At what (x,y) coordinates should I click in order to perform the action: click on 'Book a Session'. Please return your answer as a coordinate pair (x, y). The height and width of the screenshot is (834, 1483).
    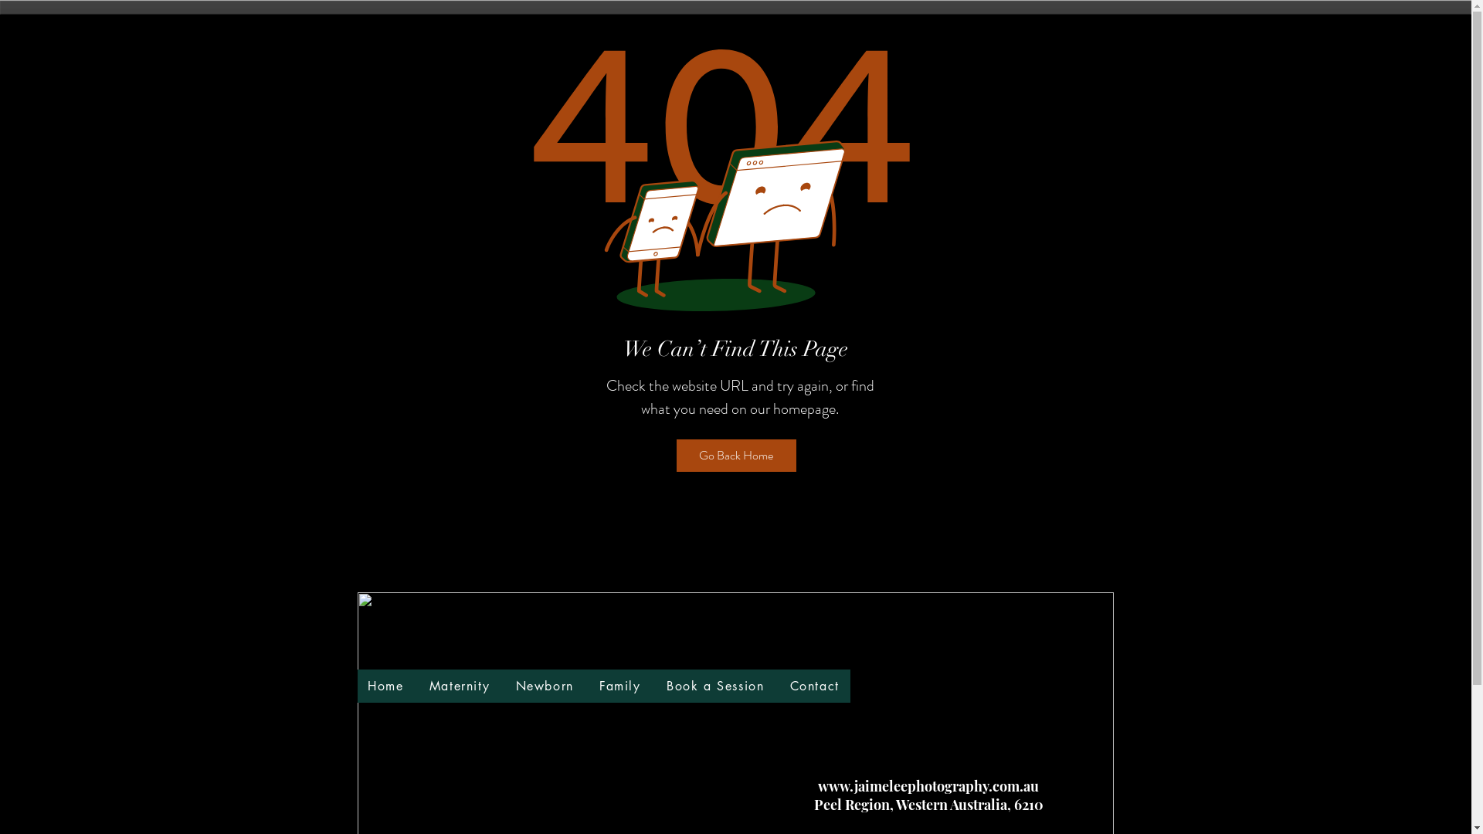
    Looking at the image, I should click on (656, 685).